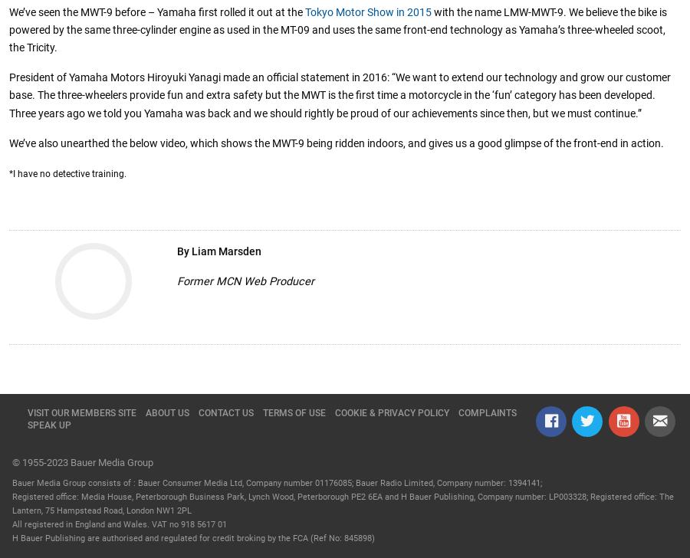  What do you see at coordinates (343, 504) in the screenshot?
I see `'Registered office: Media House, Peterborough Business Park, Lynch Wood, Peterborough PE2 6EA and H Bauer Publishing, Company number: LP003328; Registered office: The Lantern, 75 Hampstead Road, London NW1 2PL'` at bounding box center [343, 504].